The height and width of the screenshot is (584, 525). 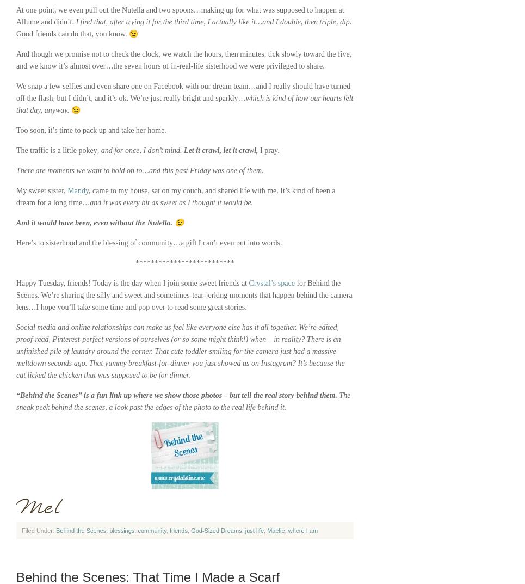 What do you see at coordinates (179, 15) in the screenshot?
I see `'At one point, we even pull out the Nutella and two spoons…making up for what was supposed to happen at Allume and didn’t.'` at bounding box center [179, 15].